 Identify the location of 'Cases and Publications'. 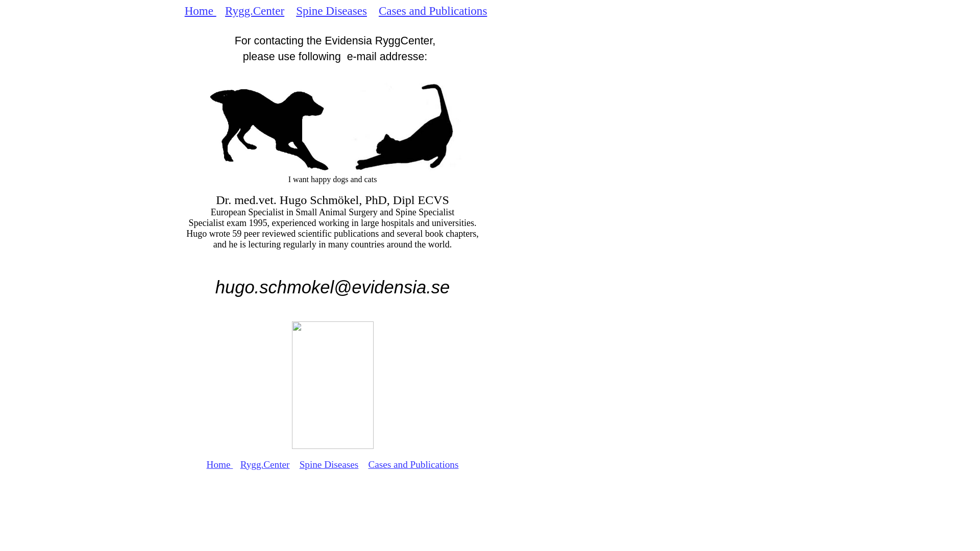
(413, 464).